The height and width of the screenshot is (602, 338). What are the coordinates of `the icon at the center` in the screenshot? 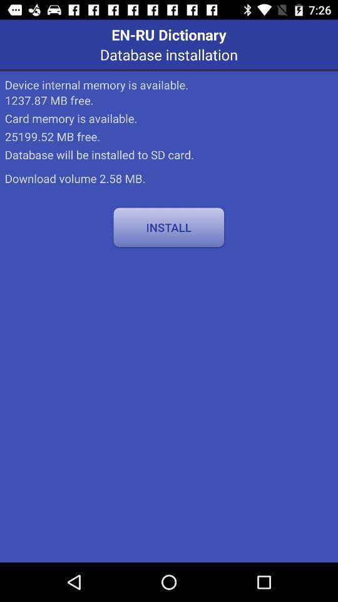 It's located at (168, 226).